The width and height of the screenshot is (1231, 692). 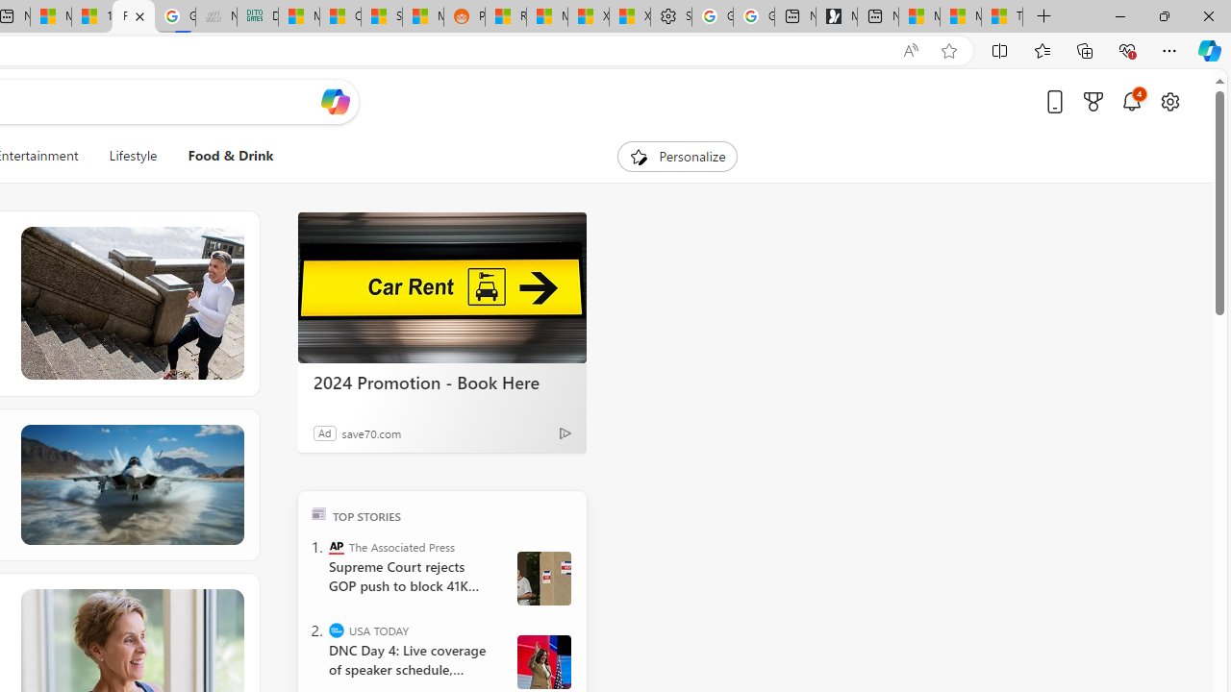 What do you see at coordinates (836, 16) in the screenshot?
I see `'Microsoft Start Gaming'` at bounding box center [836, 16].